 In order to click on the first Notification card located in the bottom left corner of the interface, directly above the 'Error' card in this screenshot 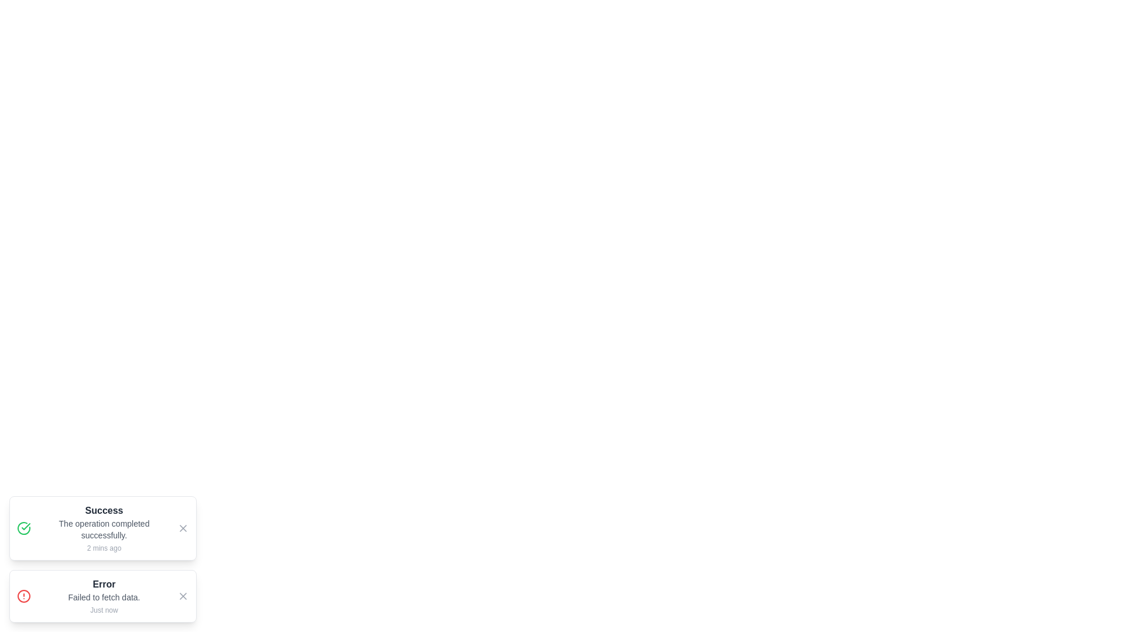, I will do `click(103, 528)`.